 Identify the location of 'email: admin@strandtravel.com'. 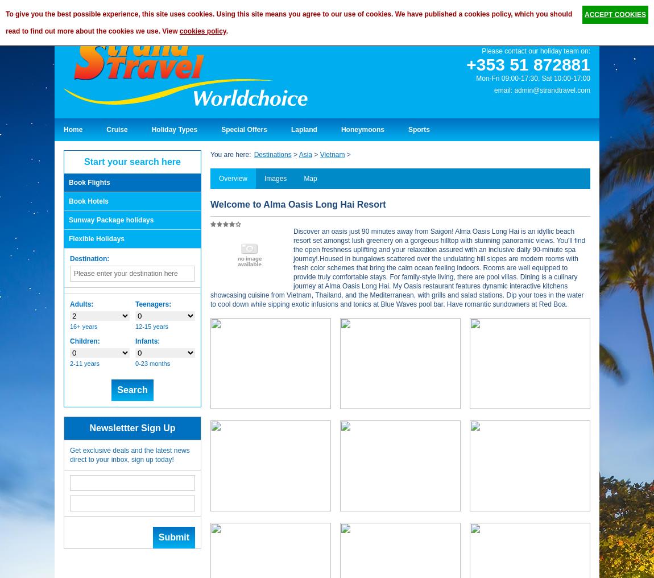
(542, 89).